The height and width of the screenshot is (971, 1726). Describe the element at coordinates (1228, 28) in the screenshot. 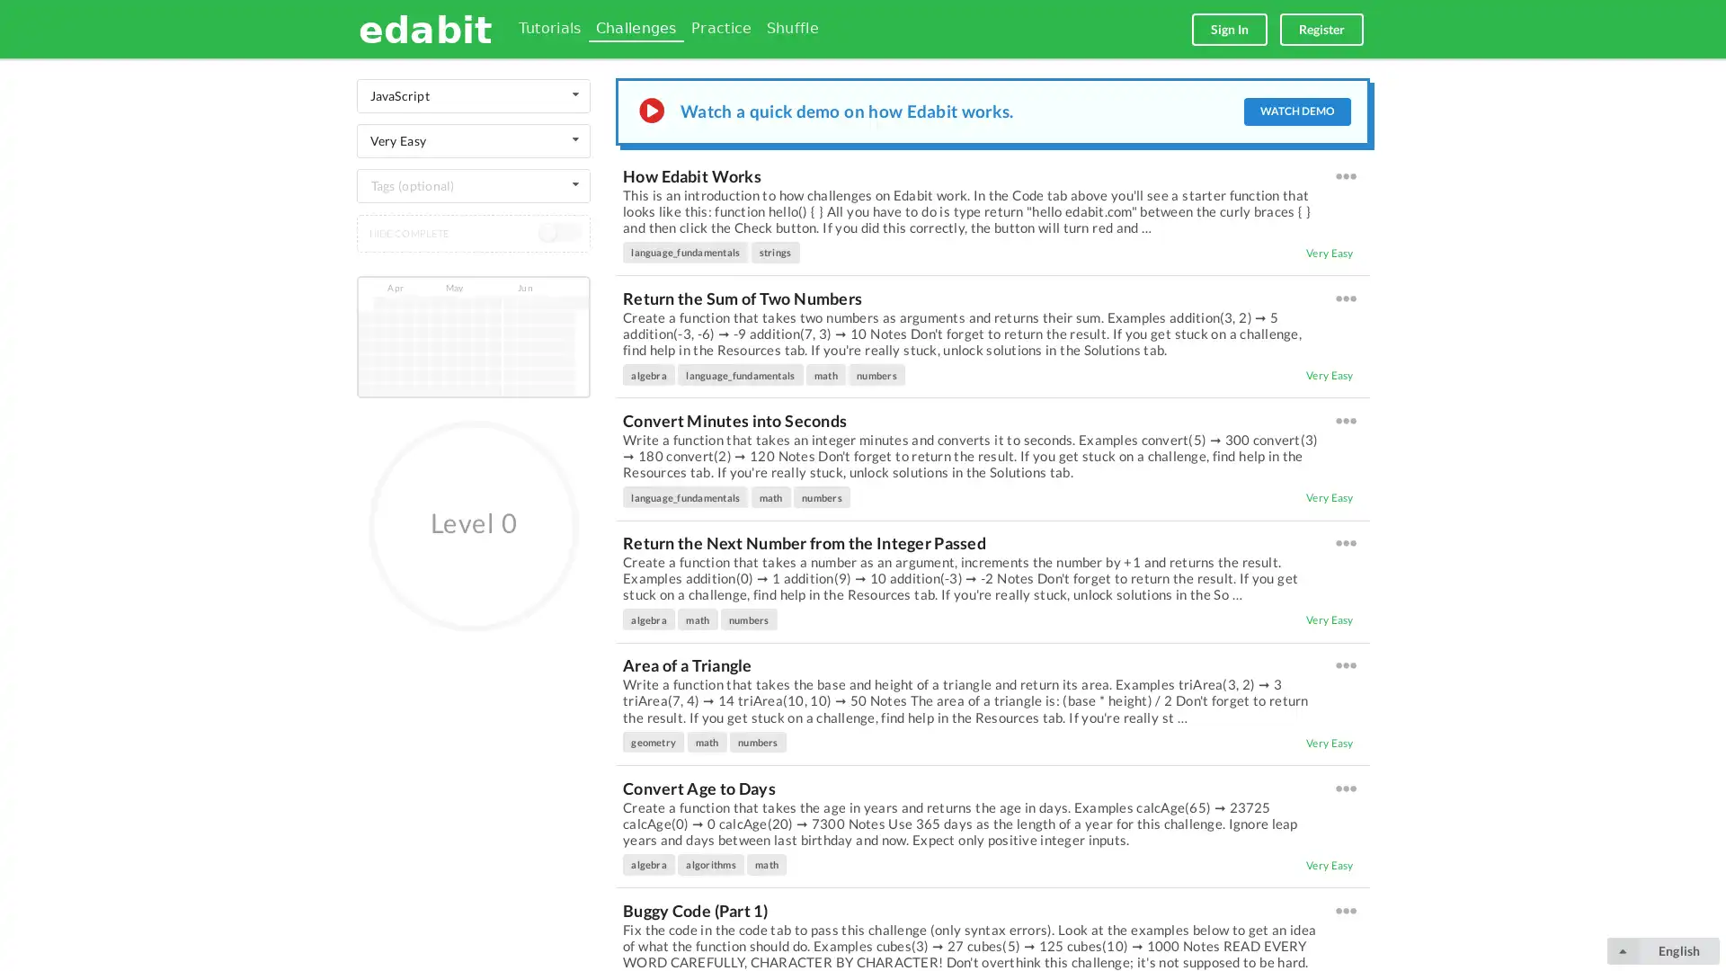

I see `Sign In` at that location.